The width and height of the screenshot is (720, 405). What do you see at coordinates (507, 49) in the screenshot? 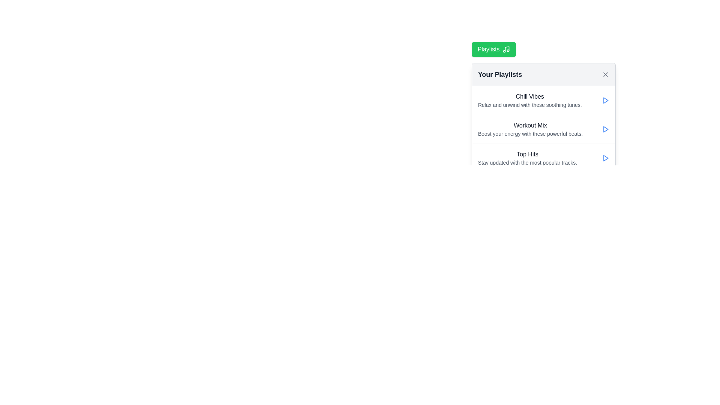
I see `the music or playlists icon located inside the green 'Playlists' button, positioned near the top-left corner of the interface` at bounding box center [507, 49].